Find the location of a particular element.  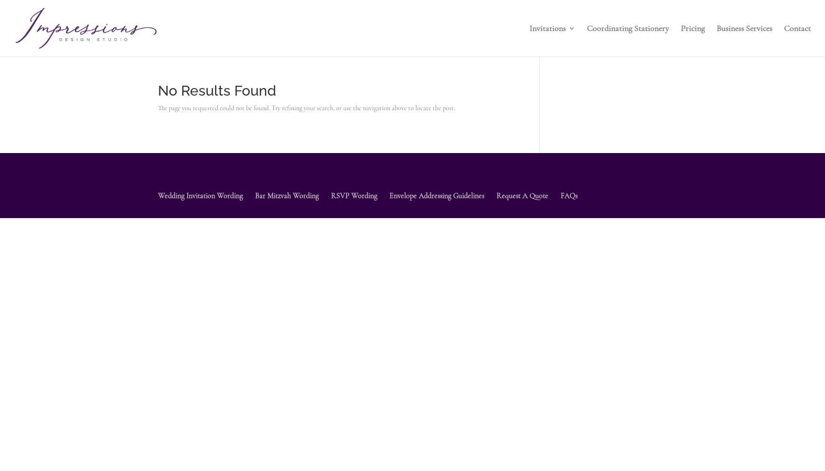

'RSVP Wording' is located at coordinates (354, 195).